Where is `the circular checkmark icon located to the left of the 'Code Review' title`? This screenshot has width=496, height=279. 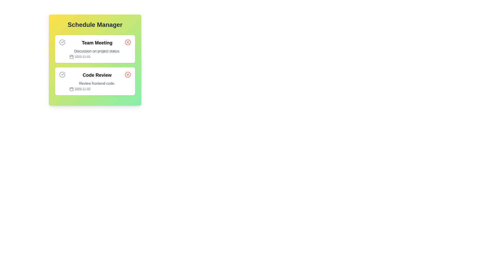
the circular checkmark icon located to the left of the 'Code Review' title is located at coordinates (62, 75).